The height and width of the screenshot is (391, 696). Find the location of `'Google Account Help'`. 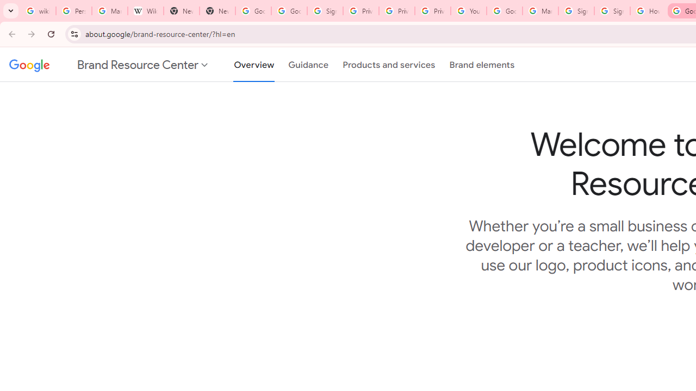

'Google Account Help' is located at coordinates (504, 11).